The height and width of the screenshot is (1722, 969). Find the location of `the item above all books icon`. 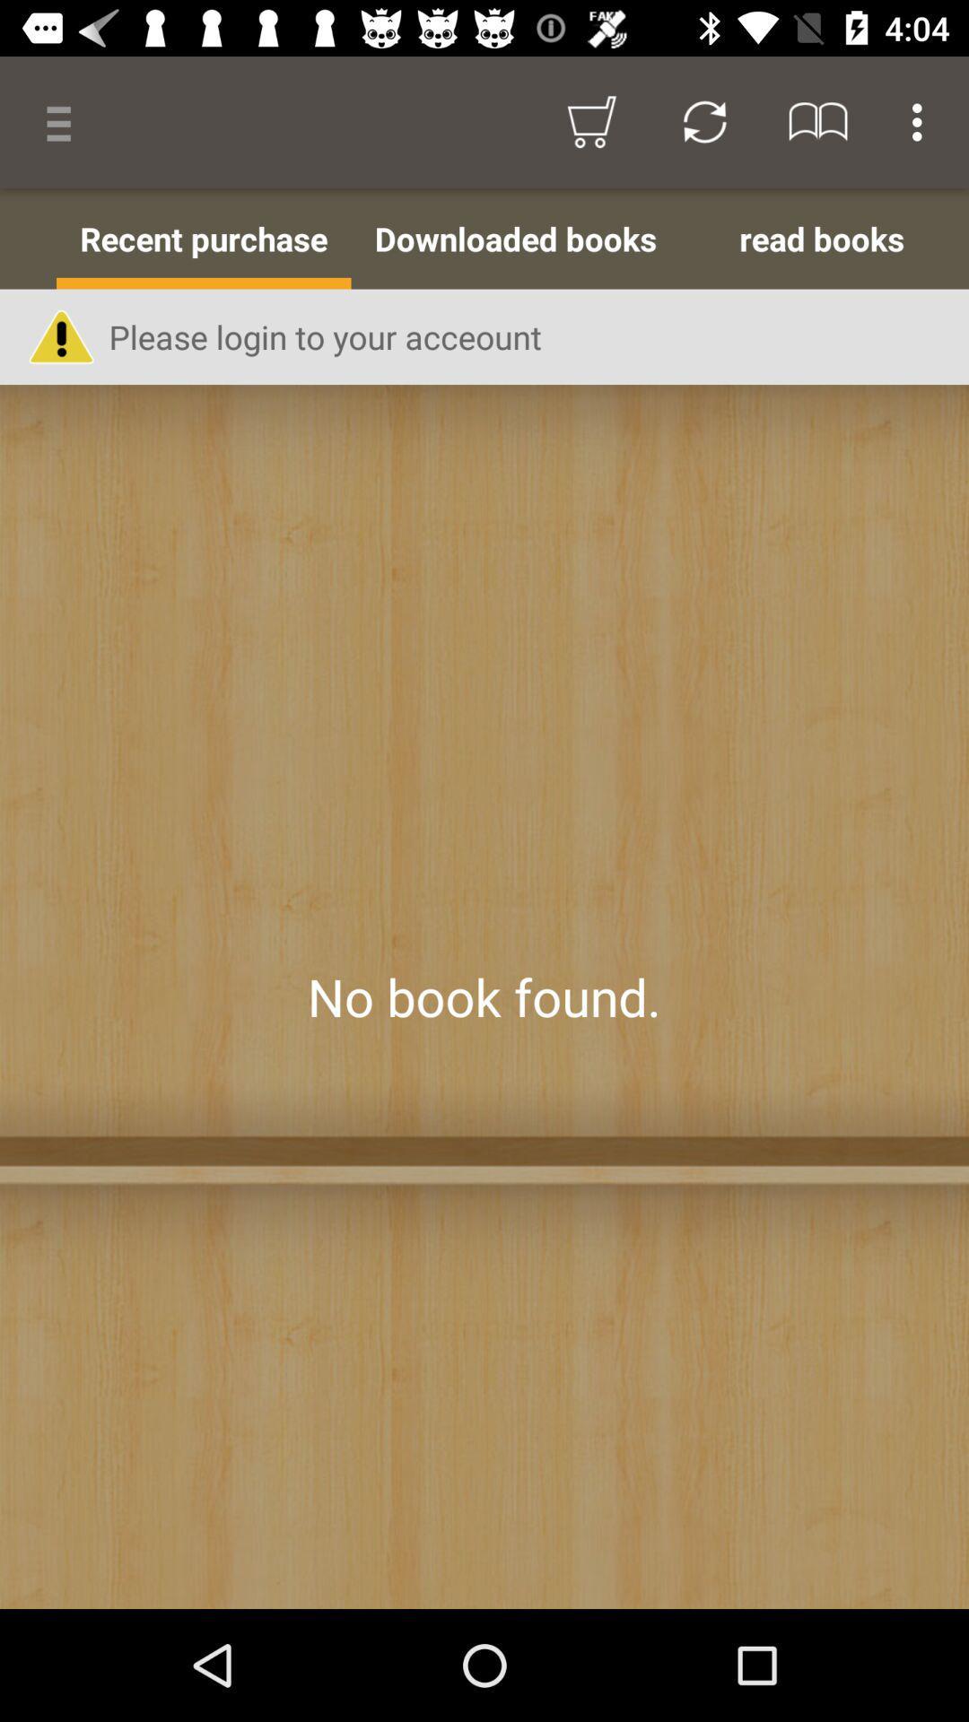

the item above all books icon is located at coordinates (65, 121).